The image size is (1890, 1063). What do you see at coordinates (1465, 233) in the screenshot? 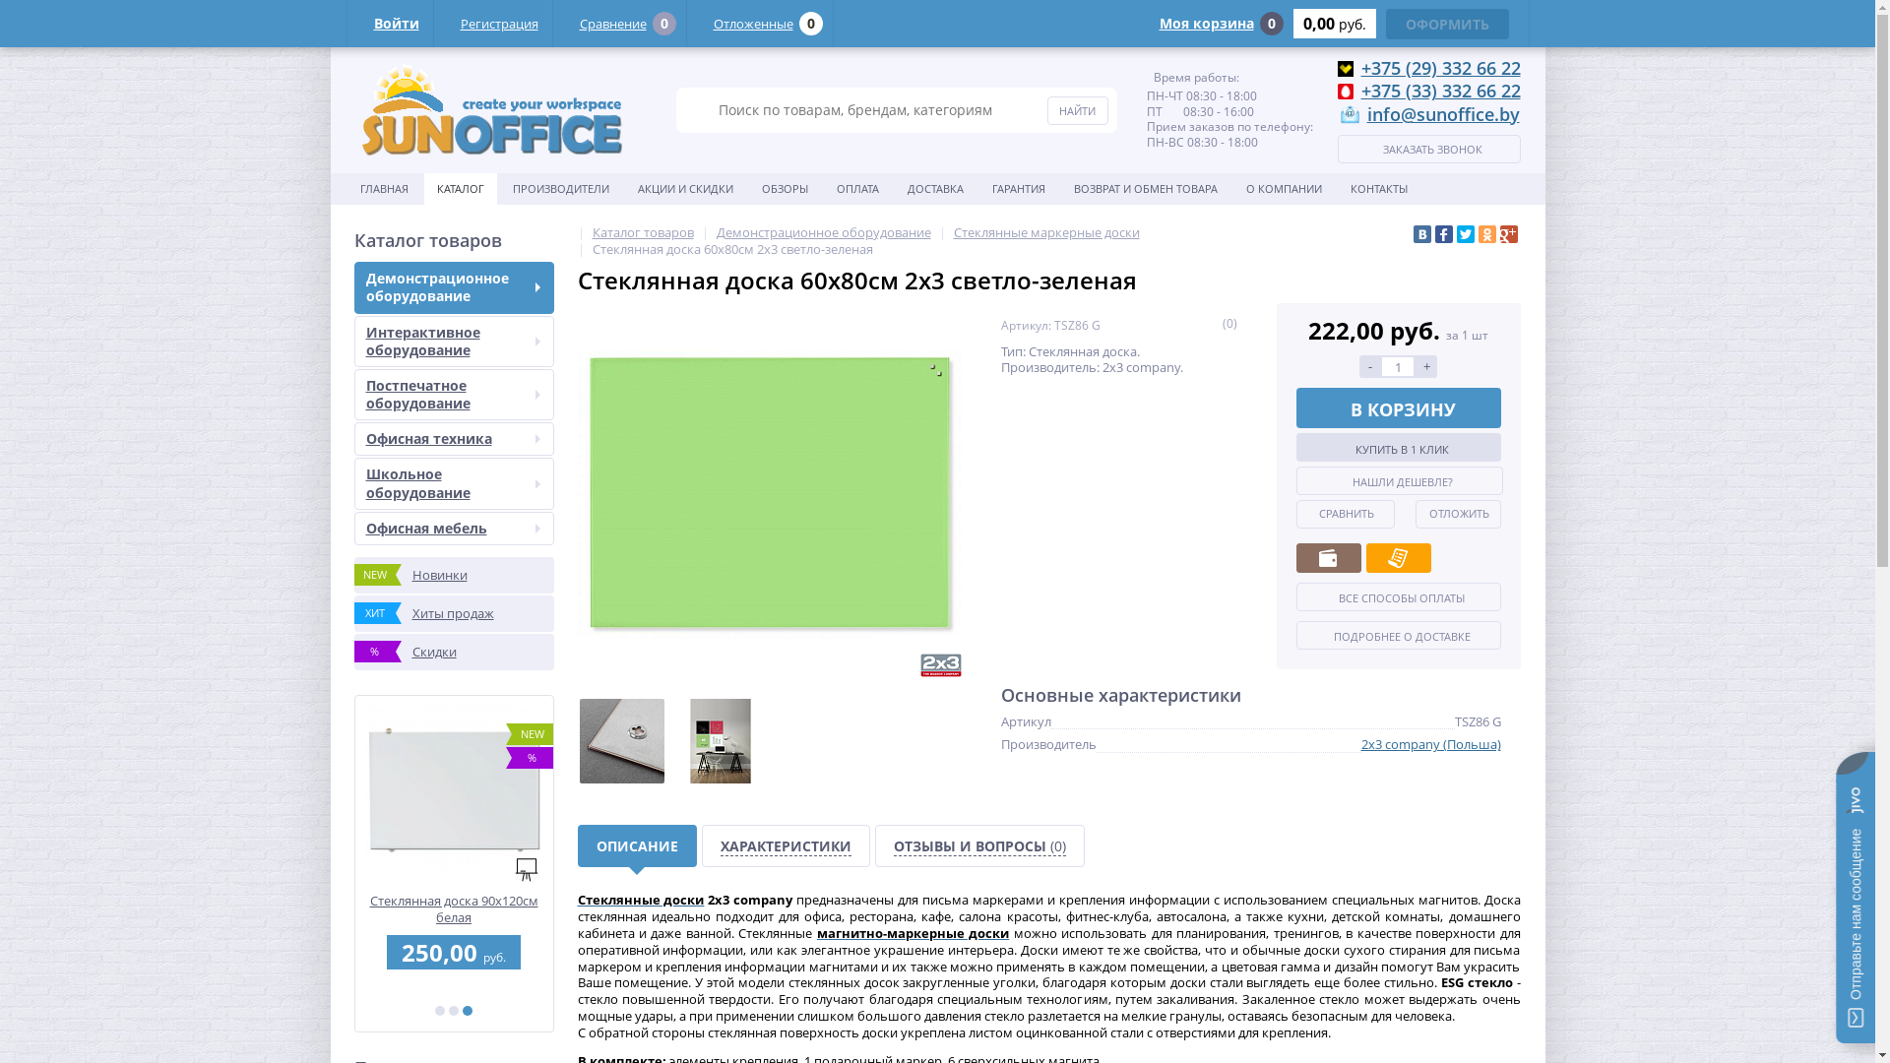
I see `'Twitter'` at bounding box center [1465, 233].